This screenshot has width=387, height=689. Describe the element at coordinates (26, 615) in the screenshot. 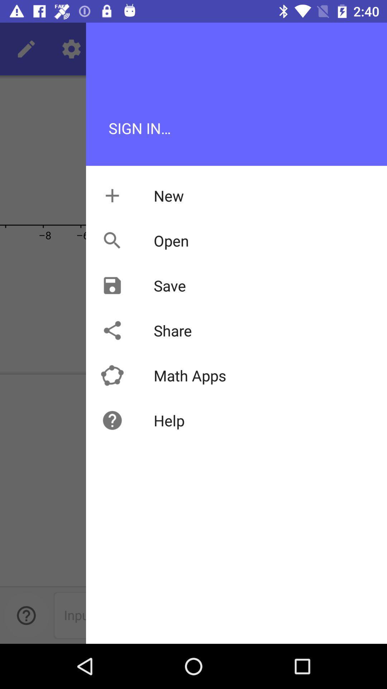

I see `the help icon` at that location.